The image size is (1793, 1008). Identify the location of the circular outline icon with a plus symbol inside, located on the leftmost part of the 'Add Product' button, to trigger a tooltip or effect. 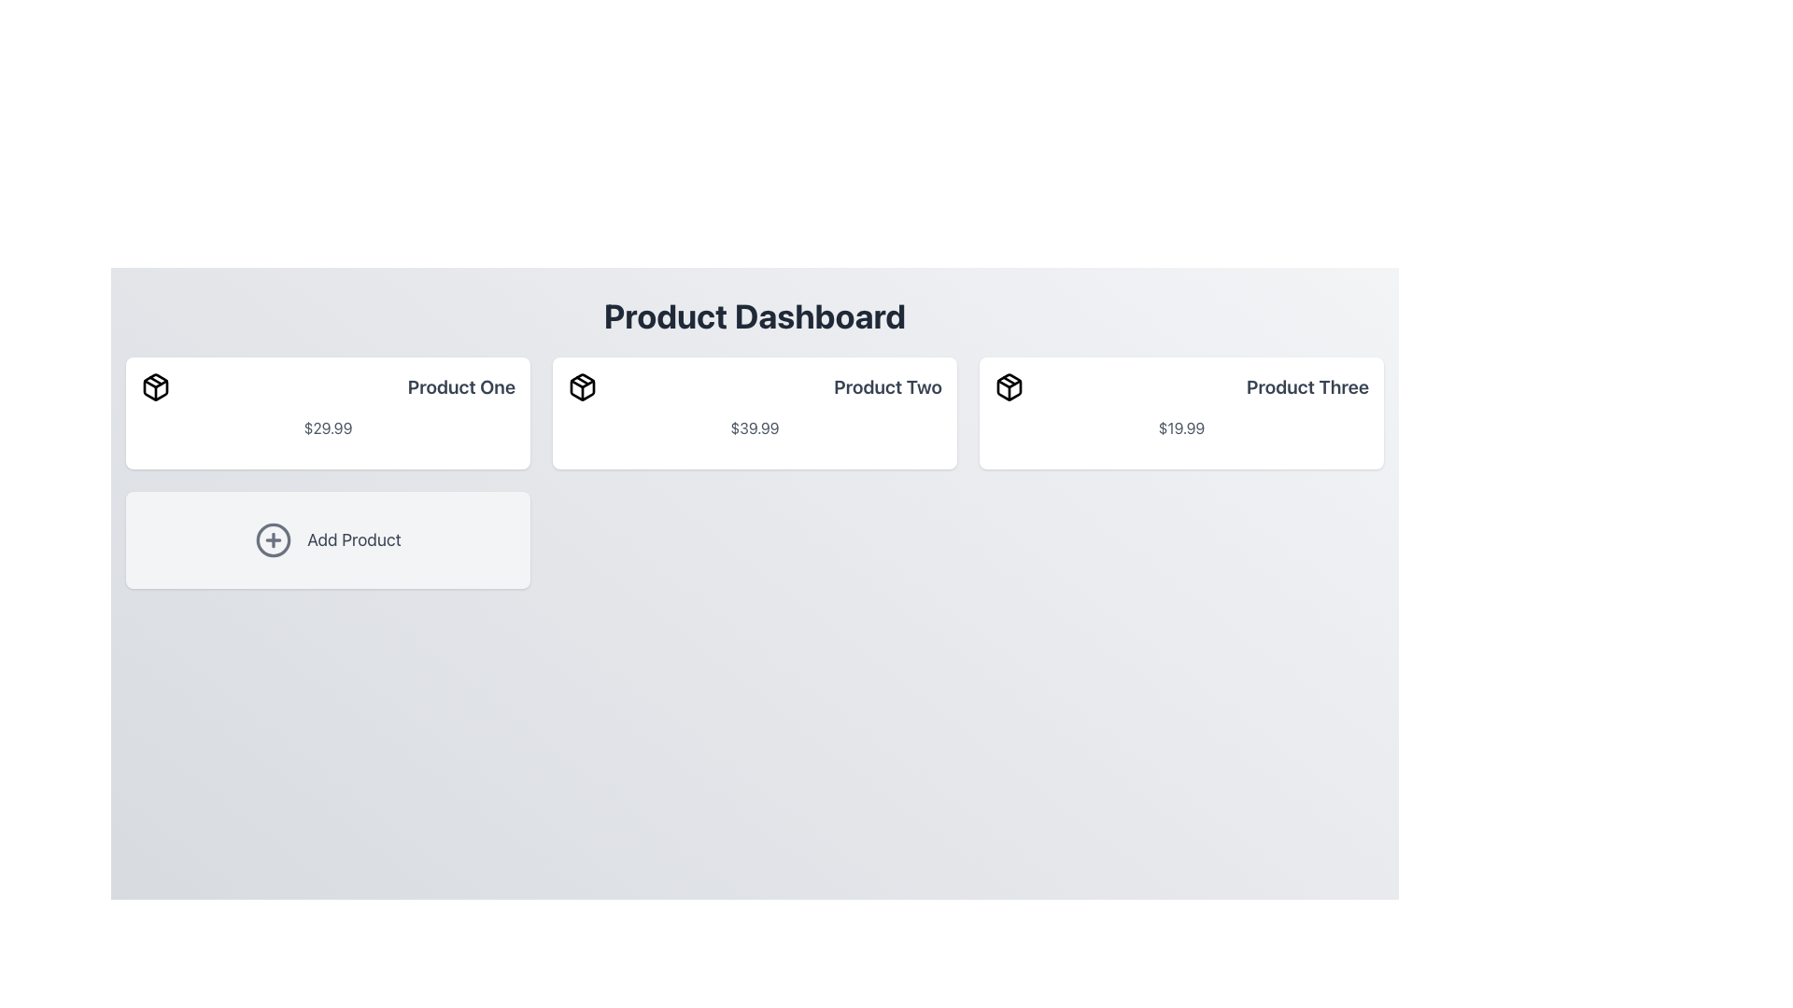
(273, 539).